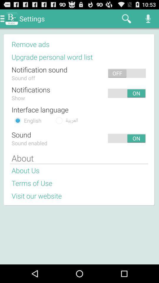 This screenshot has height=283, width=159. Describe the element at coordinates (31, 89) in the screenshot. I see `the notifications app` at that location.